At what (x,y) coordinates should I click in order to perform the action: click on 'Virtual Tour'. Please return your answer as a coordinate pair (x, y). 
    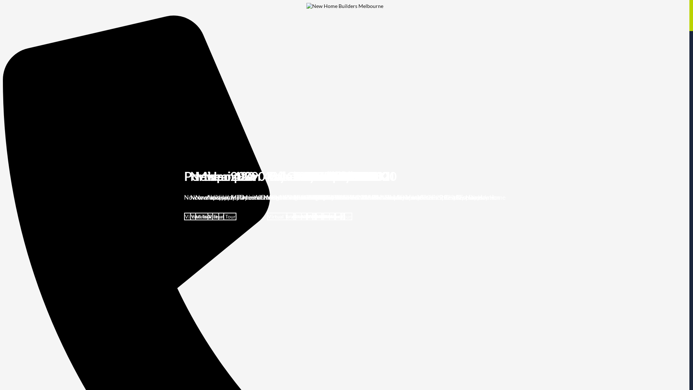
    Looking at the image, I should click on (314, 216).